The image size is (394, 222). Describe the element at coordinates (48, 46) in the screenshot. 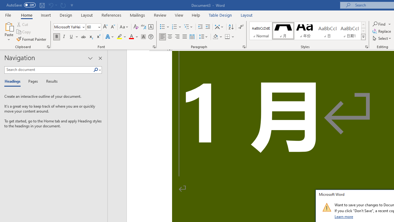

I see `'Office Clipboard...'` at that location.